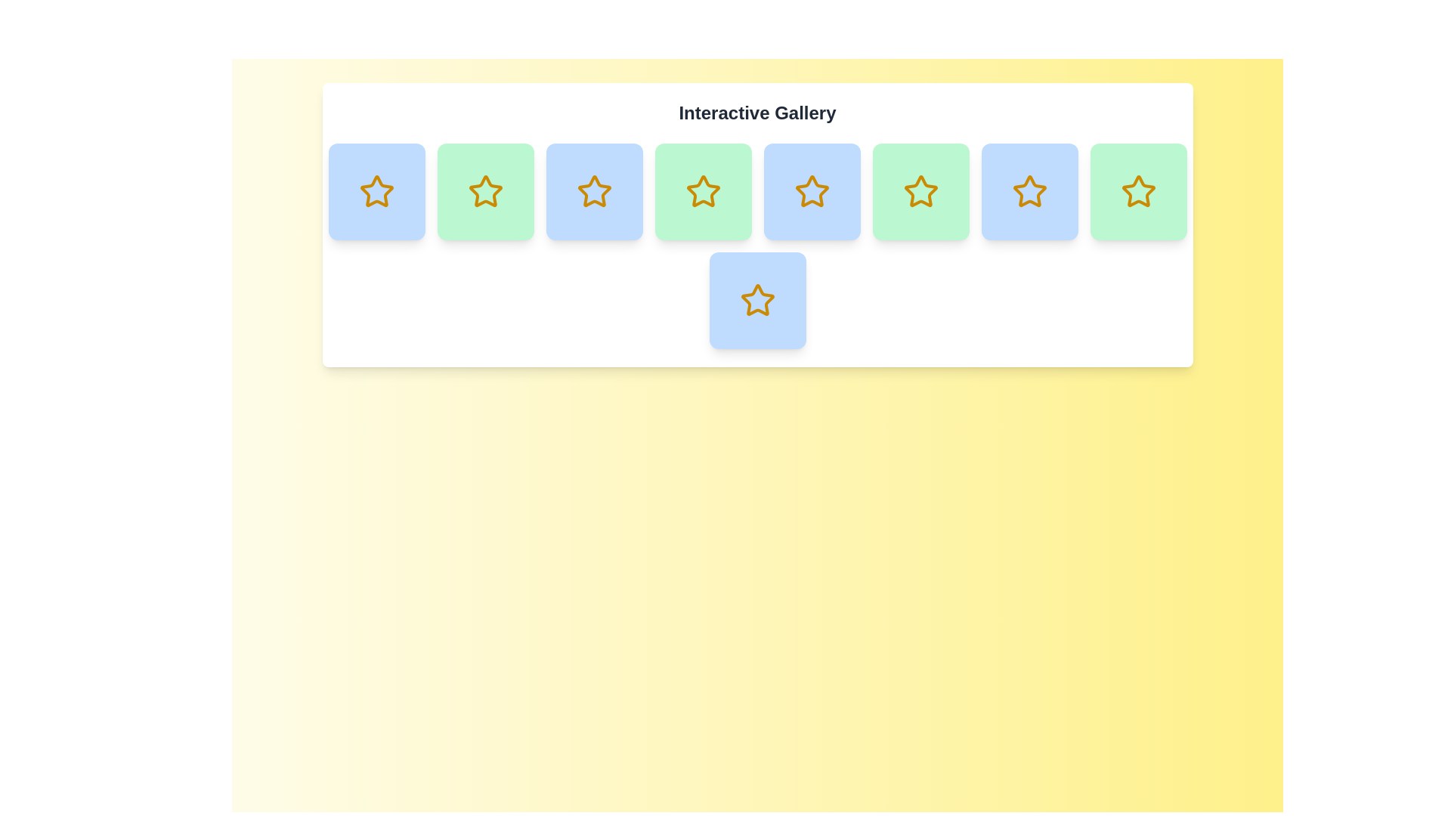 The width and height of the screenshot is (1451, 816). Describe the element at coordinates (757, 113) in the screenshot. I see `text label that serves as a title for the section above the interactive gallery of colored tiles` at that location.